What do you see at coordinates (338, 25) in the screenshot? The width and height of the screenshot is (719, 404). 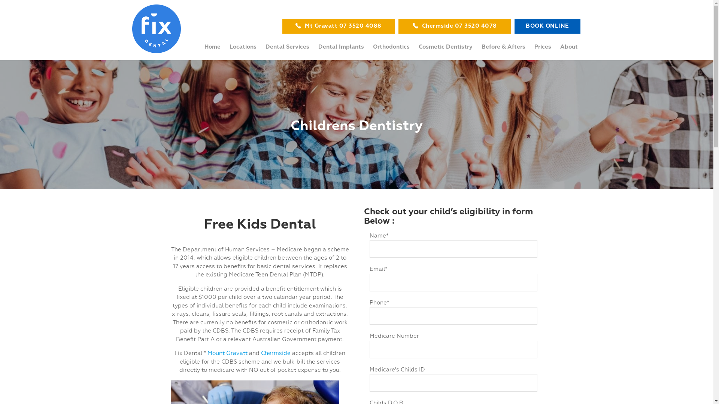 I see `'Mt Gravatt 07 3520 4088'` at bounding box center [338, 25].